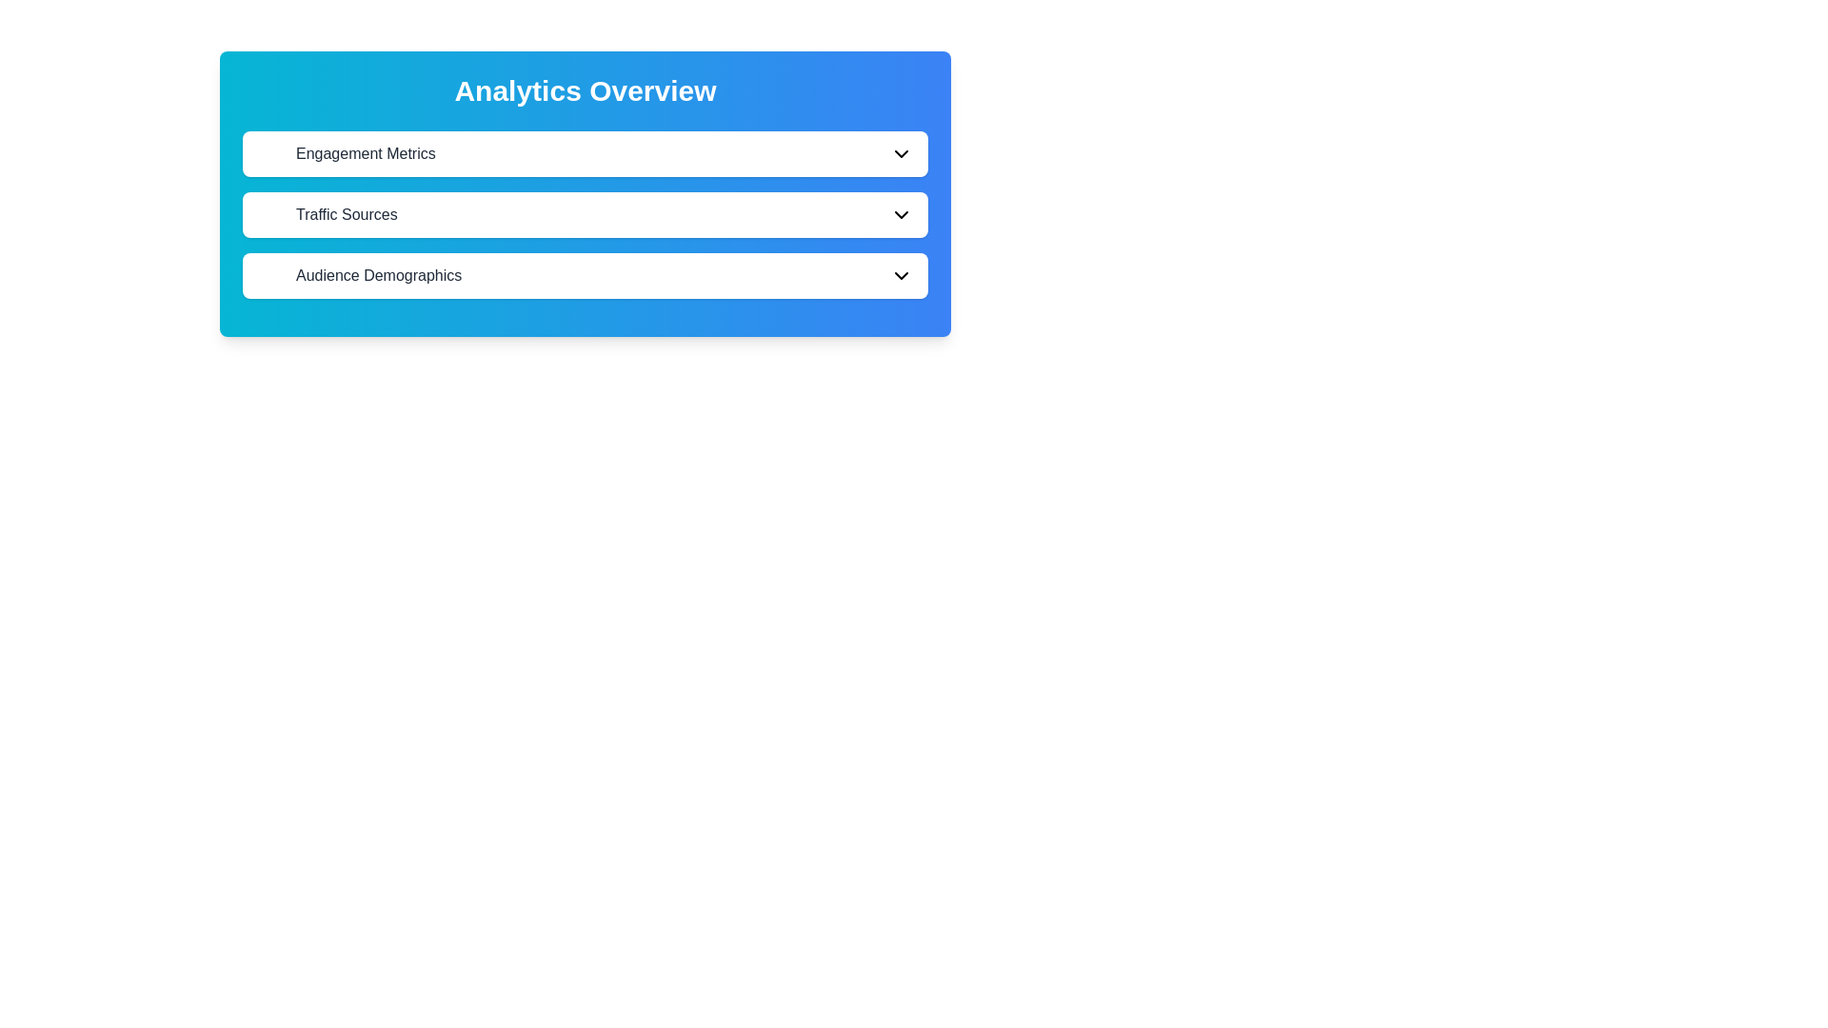 This screenshot has height=1028, width=1828. Describe the element at coordinates (584, 214) in the screenshot. I see `the second selectable option in the Analytics Overview section` at that location.